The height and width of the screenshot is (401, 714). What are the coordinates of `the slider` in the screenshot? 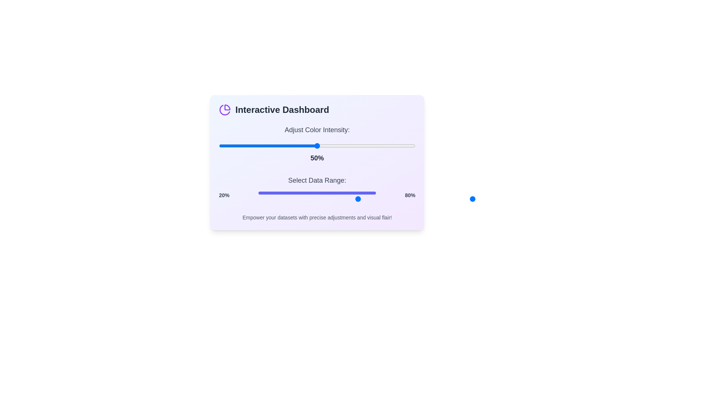 It's located at (405, 199).